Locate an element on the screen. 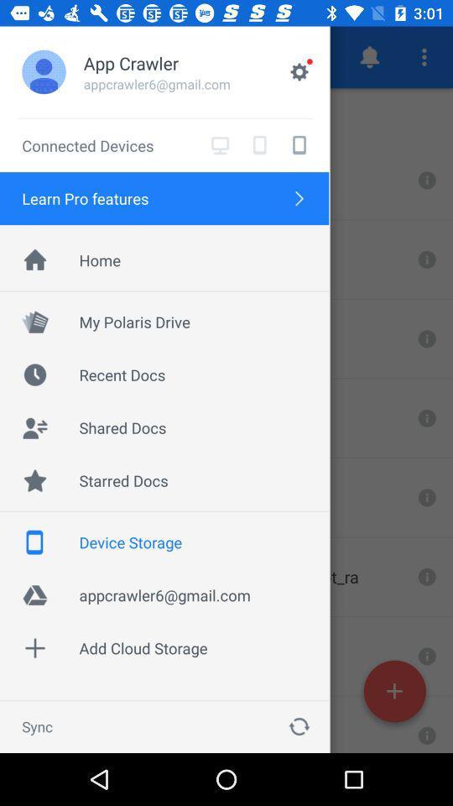 This screenshot has width=453, height=806. the add icon is located at coordinates (394, 694).